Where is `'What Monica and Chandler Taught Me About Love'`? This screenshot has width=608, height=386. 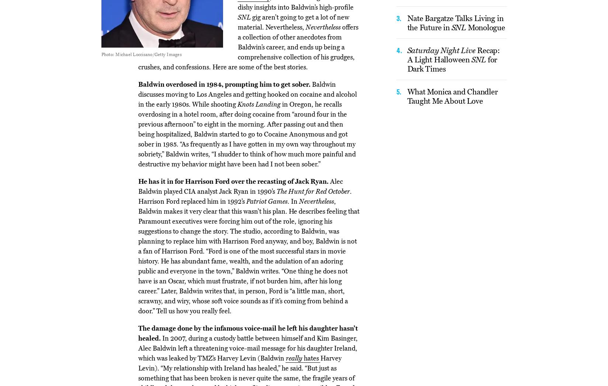 'What Monica and Chandler Taught Me About Love' is located at coordinates (452, 96).